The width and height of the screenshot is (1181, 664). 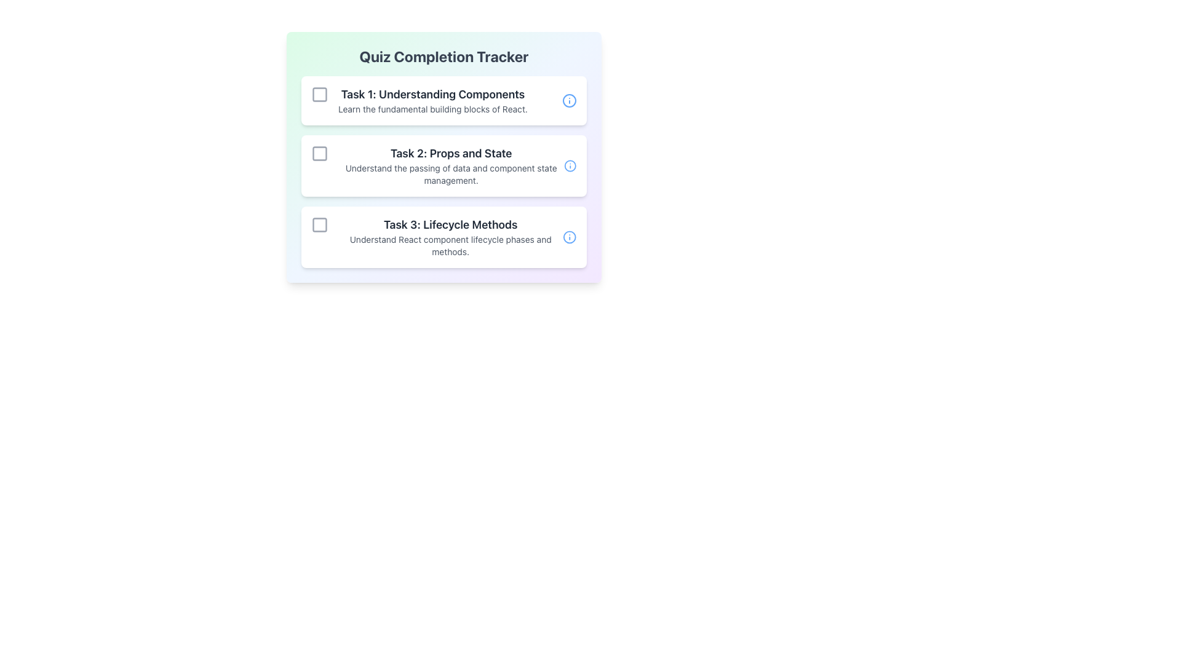 What do you see at coordinates (419, 100) in the screenshot?
I see `text content of the first task segment in the 'Quiz Completion Tracker' interface, positioned below the header and above the second task segment` at bounding box center [419, 100].